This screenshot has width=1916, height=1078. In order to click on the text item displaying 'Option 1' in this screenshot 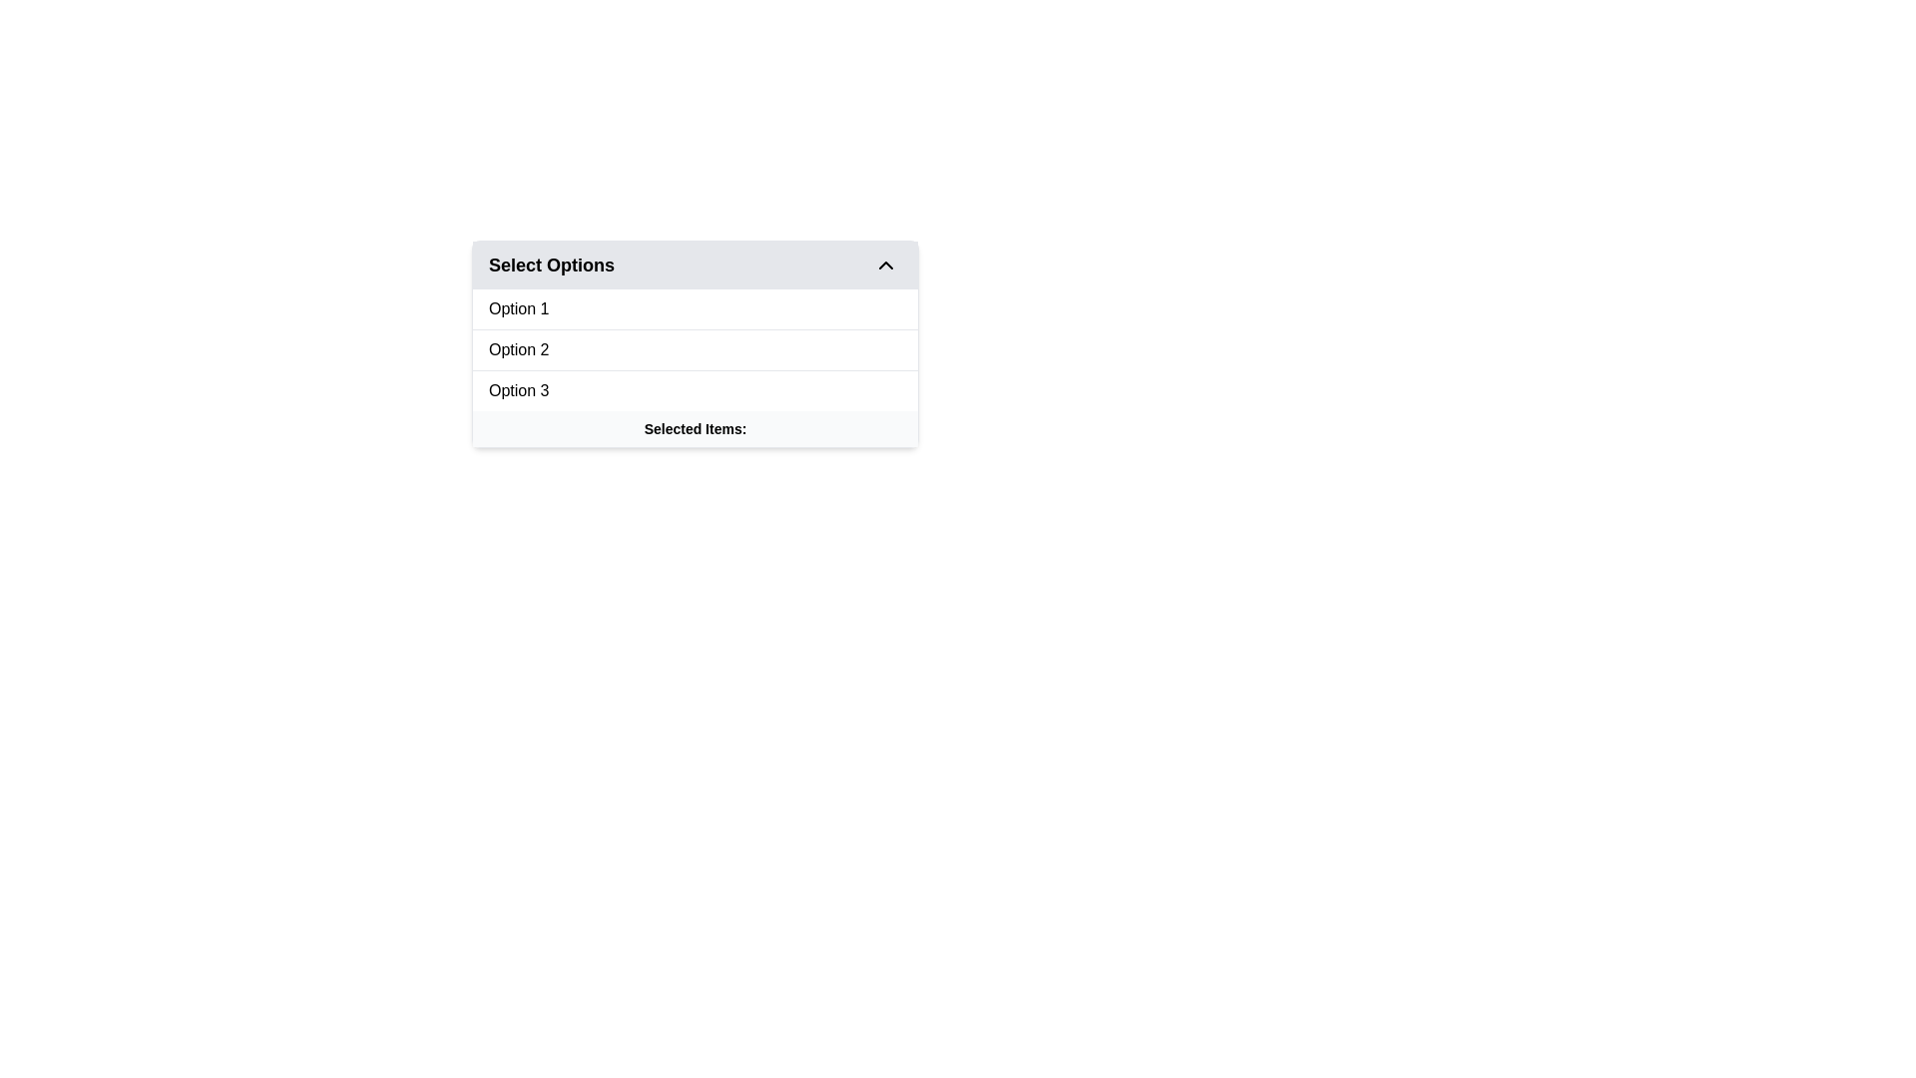, I will do `click(519, 308)`.